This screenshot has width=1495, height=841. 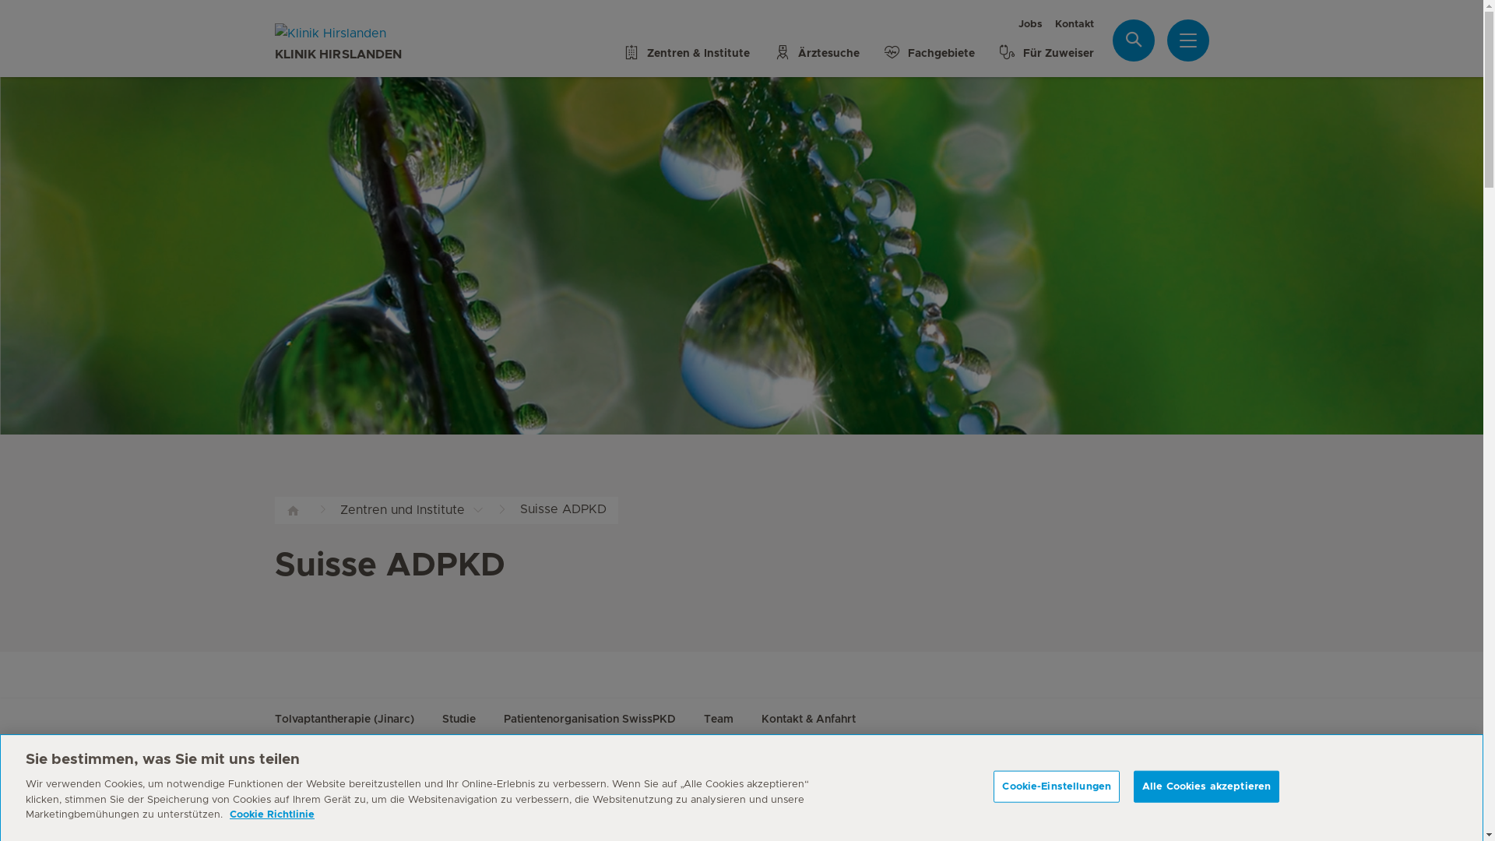 I want to click on 'Team', so click(x=717, y=720).